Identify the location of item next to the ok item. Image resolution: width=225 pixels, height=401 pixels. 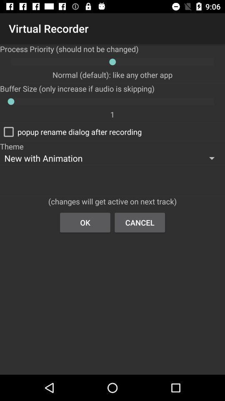
(140, 222).